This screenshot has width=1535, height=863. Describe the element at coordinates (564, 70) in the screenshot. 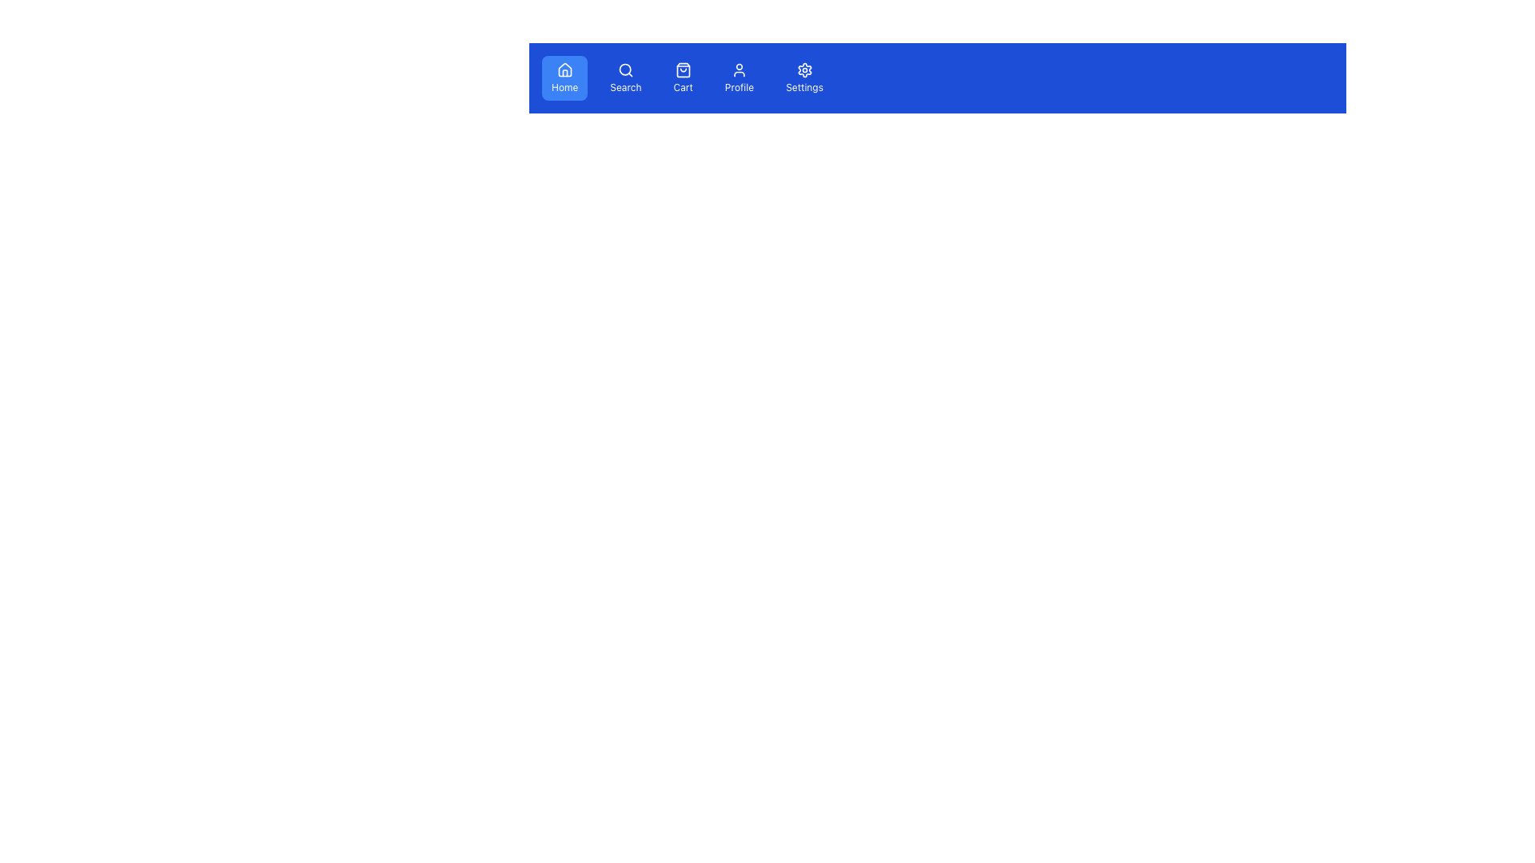

I see `the 'Home' icon located at the top-left corner of the interface, part of the navigation bar, to indicate the home action` at that location.